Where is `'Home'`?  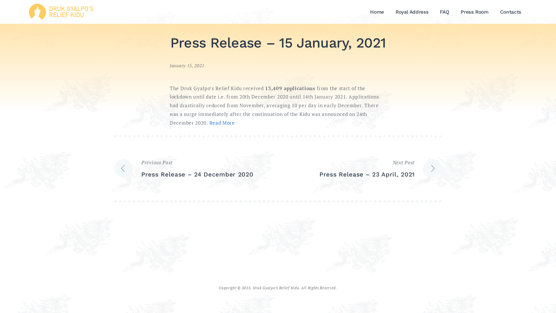
'Home' is located at coordinates (377, 12).